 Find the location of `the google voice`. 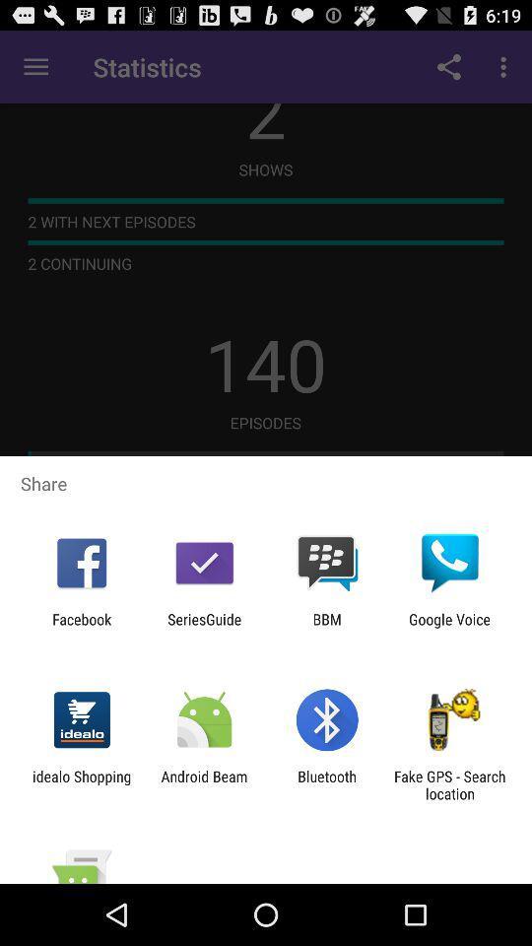

the google voice is located at coordinates (449, 627).